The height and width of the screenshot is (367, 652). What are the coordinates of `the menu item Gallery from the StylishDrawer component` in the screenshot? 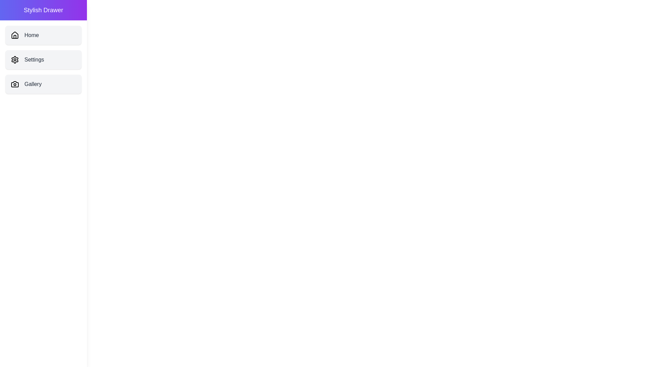 It's located at (43, 84).